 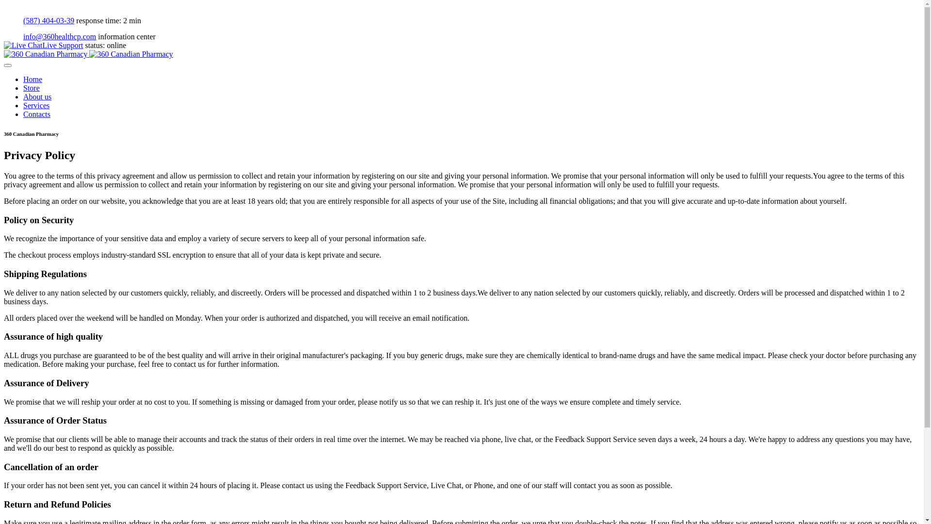 I want to click on 'Store', so click(x=23, y=88).